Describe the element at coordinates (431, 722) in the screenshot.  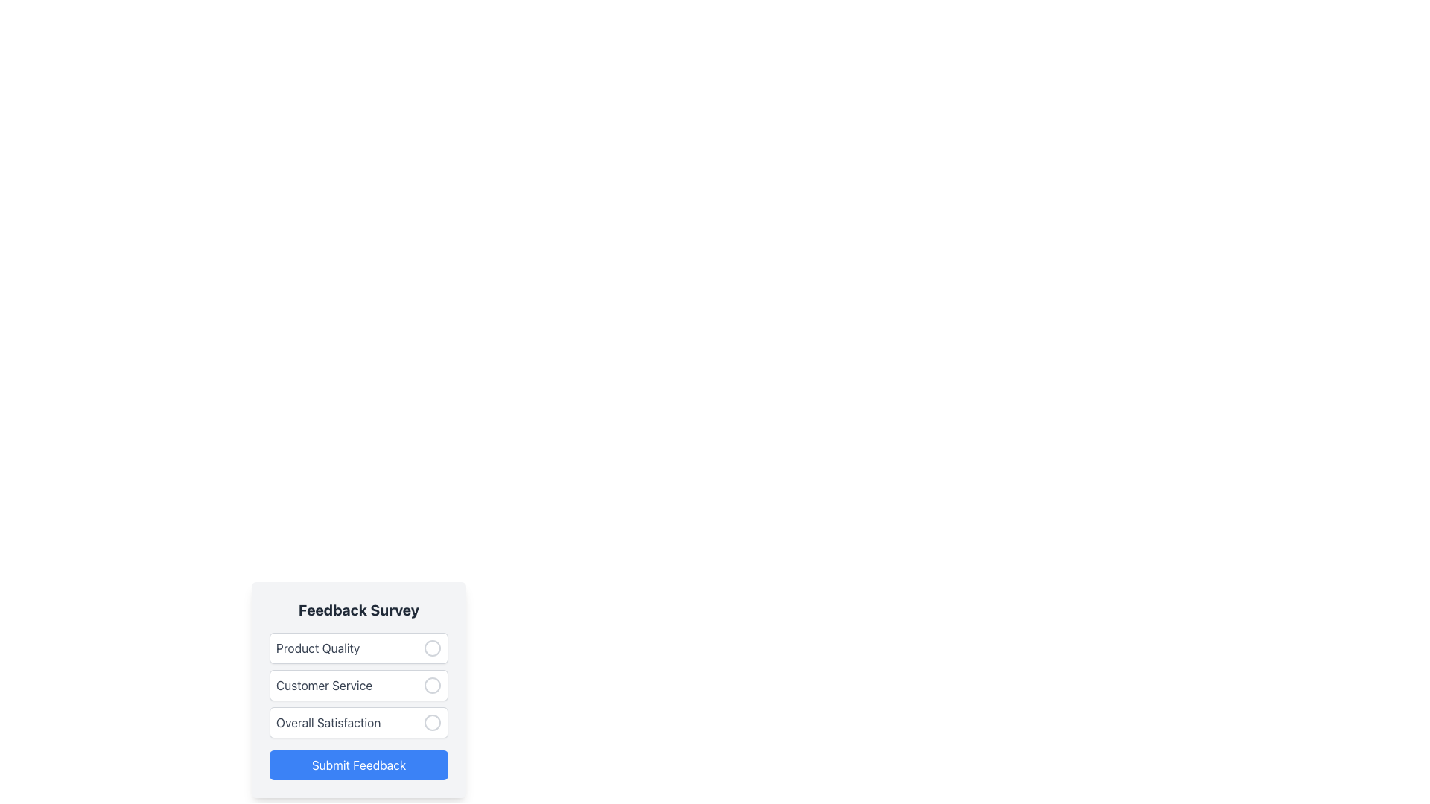
I see `the circular radio button for the 'Overall Satisfaction' option` at that location.